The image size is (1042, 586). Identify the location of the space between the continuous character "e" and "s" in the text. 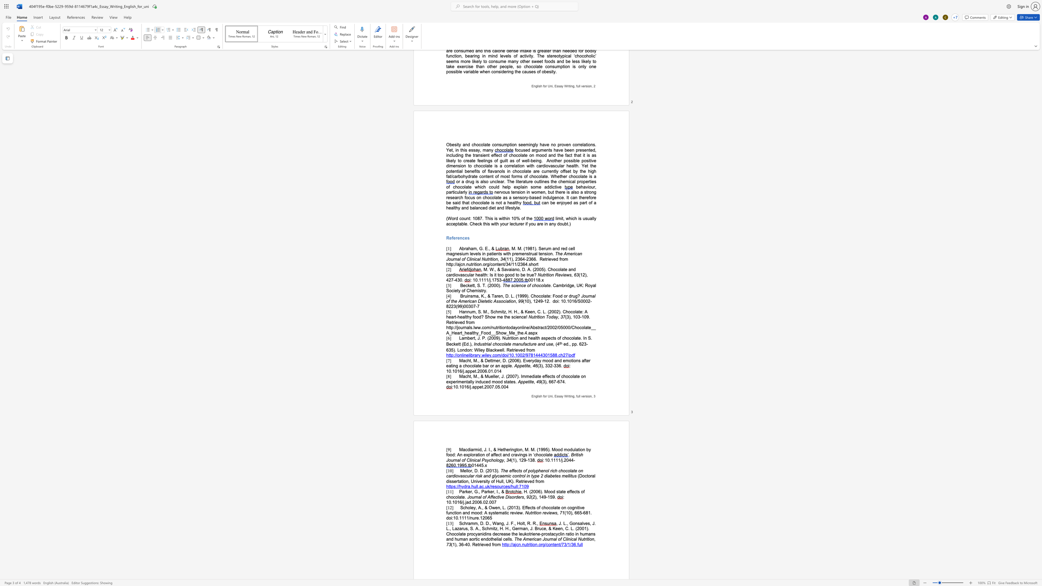
(558, 476).